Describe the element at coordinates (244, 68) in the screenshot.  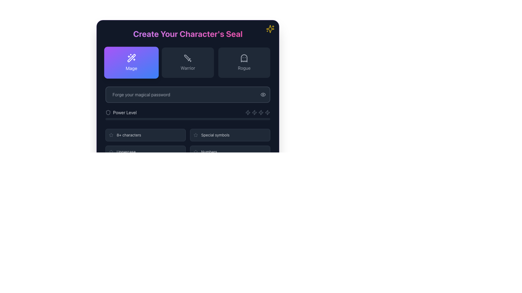
I see `the 'Rogue' label located in the third selectable card beneath the ghost icon` at that location.